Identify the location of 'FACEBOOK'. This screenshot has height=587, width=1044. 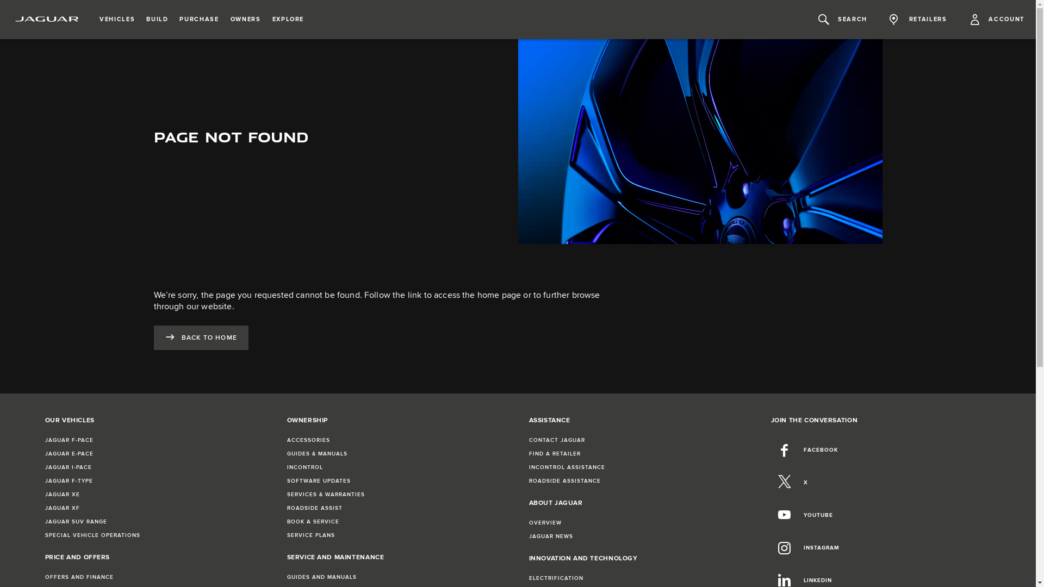
(804, 450).